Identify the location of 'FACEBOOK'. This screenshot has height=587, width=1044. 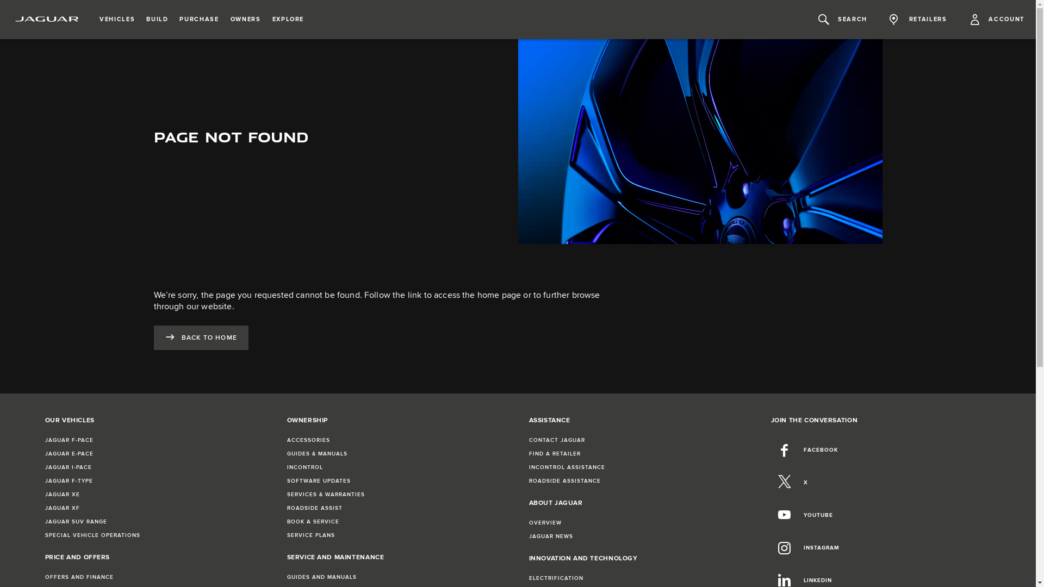
(804, 450).